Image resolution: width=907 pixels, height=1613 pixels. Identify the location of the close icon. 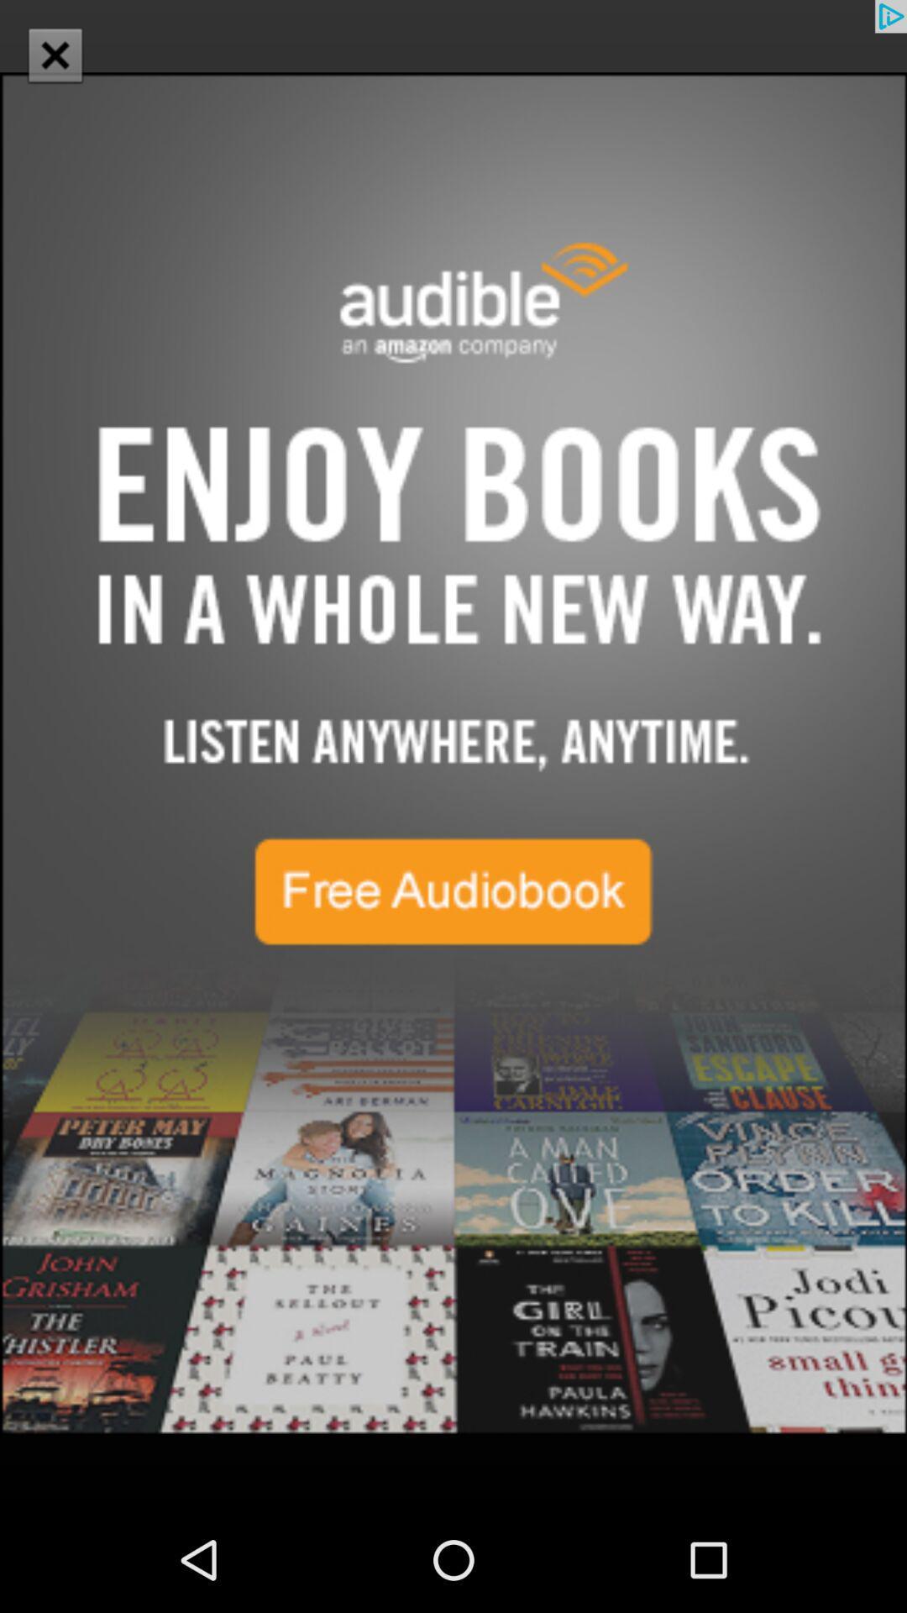
(76, 81).